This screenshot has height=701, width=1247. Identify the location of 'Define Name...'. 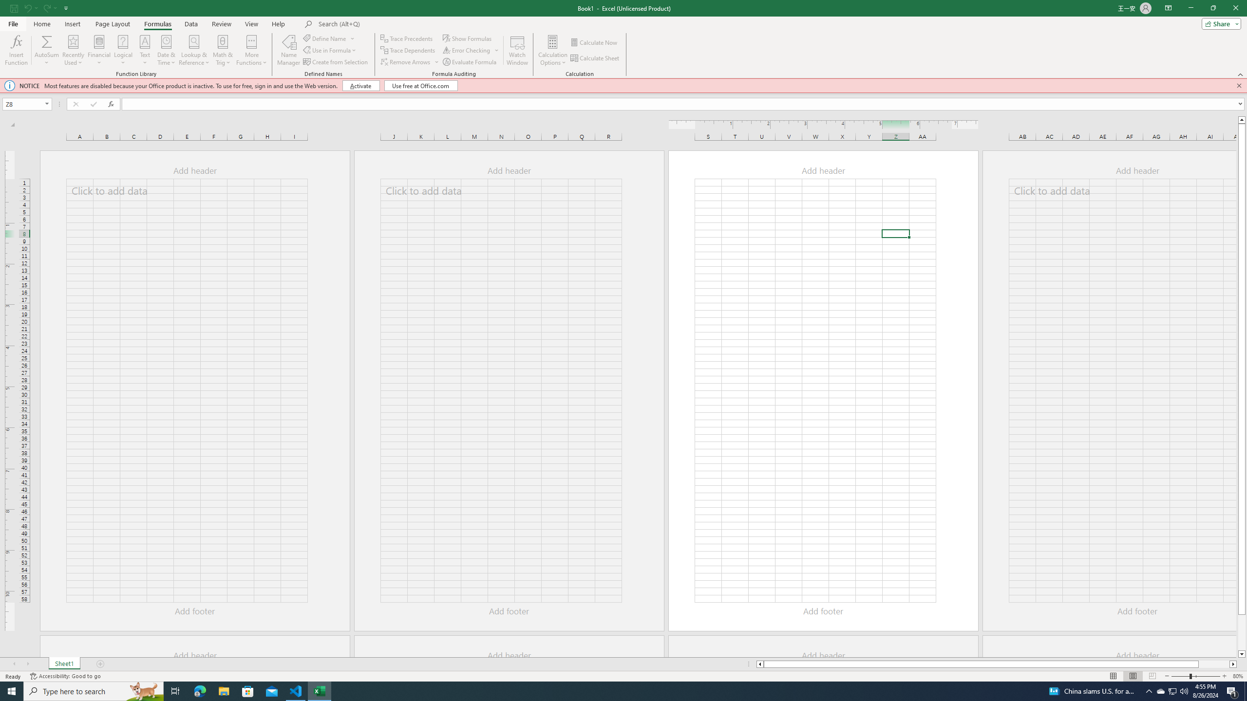
(325, 38).